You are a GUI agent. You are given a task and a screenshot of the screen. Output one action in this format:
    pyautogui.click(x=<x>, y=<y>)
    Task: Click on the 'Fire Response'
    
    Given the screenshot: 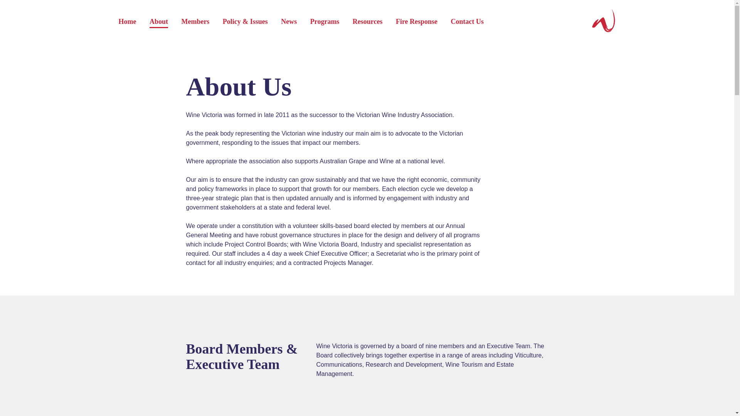 What is the action you would take?
    pyautogui.click(x=416, y=22)
    